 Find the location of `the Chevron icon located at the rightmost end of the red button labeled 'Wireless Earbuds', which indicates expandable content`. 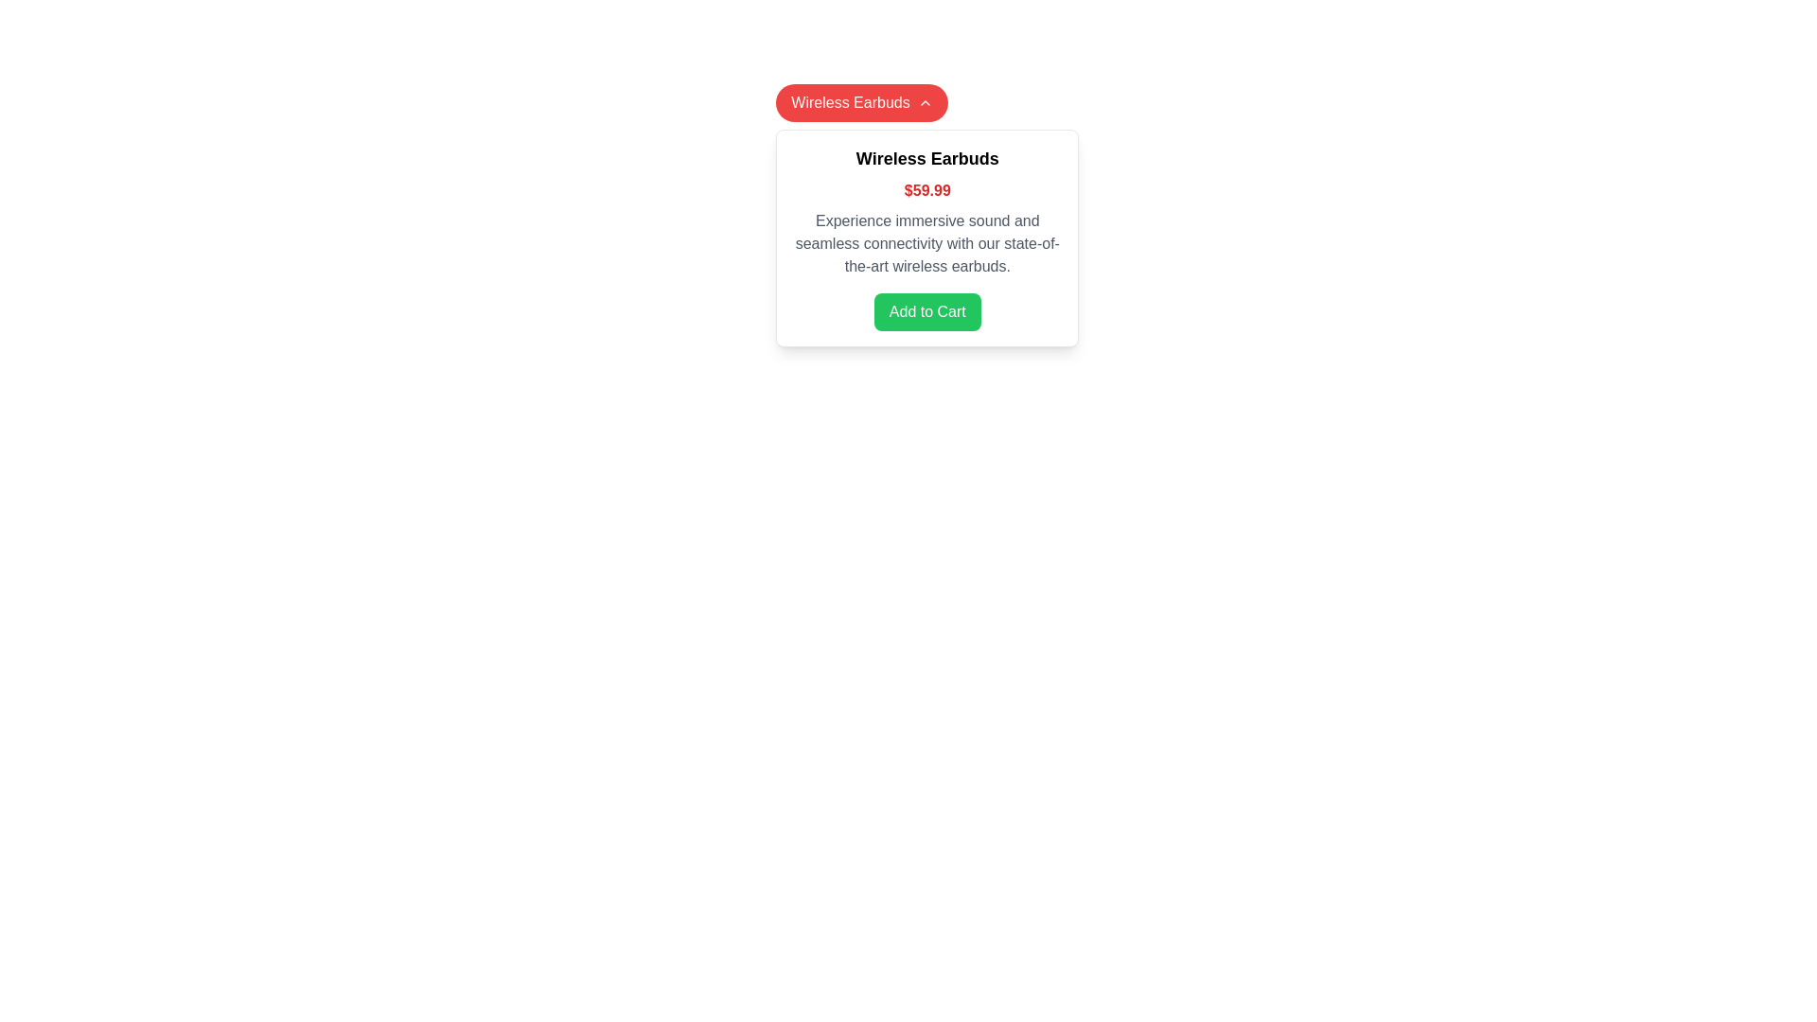

the Chevron icon located at the rightmost end of the red button labeled 'Wireless Earbuds', which indicates expandable content is located at coordinates (925, 102).